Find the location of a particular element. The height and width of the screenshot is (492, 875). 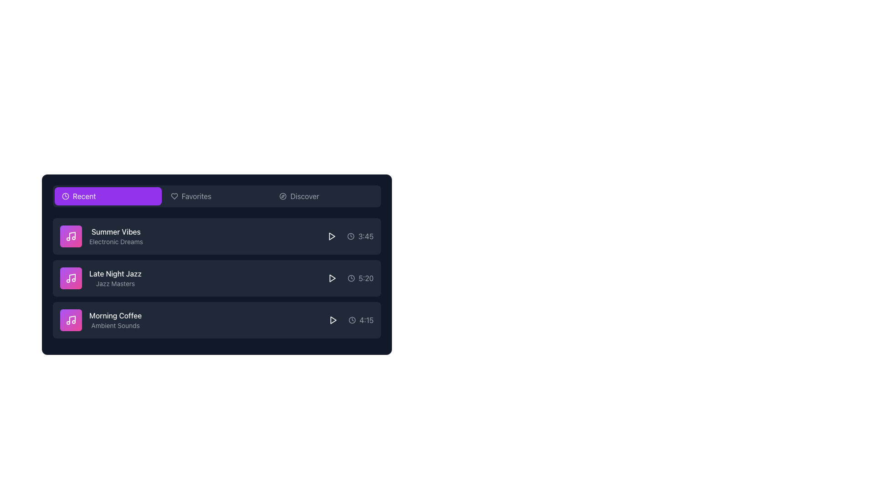

the heart-shaped 'Favorites' icon located in the header navigation, positioned centrally between the 'Recent' and 'Discover' tab options is located at coordinates (174, 196).